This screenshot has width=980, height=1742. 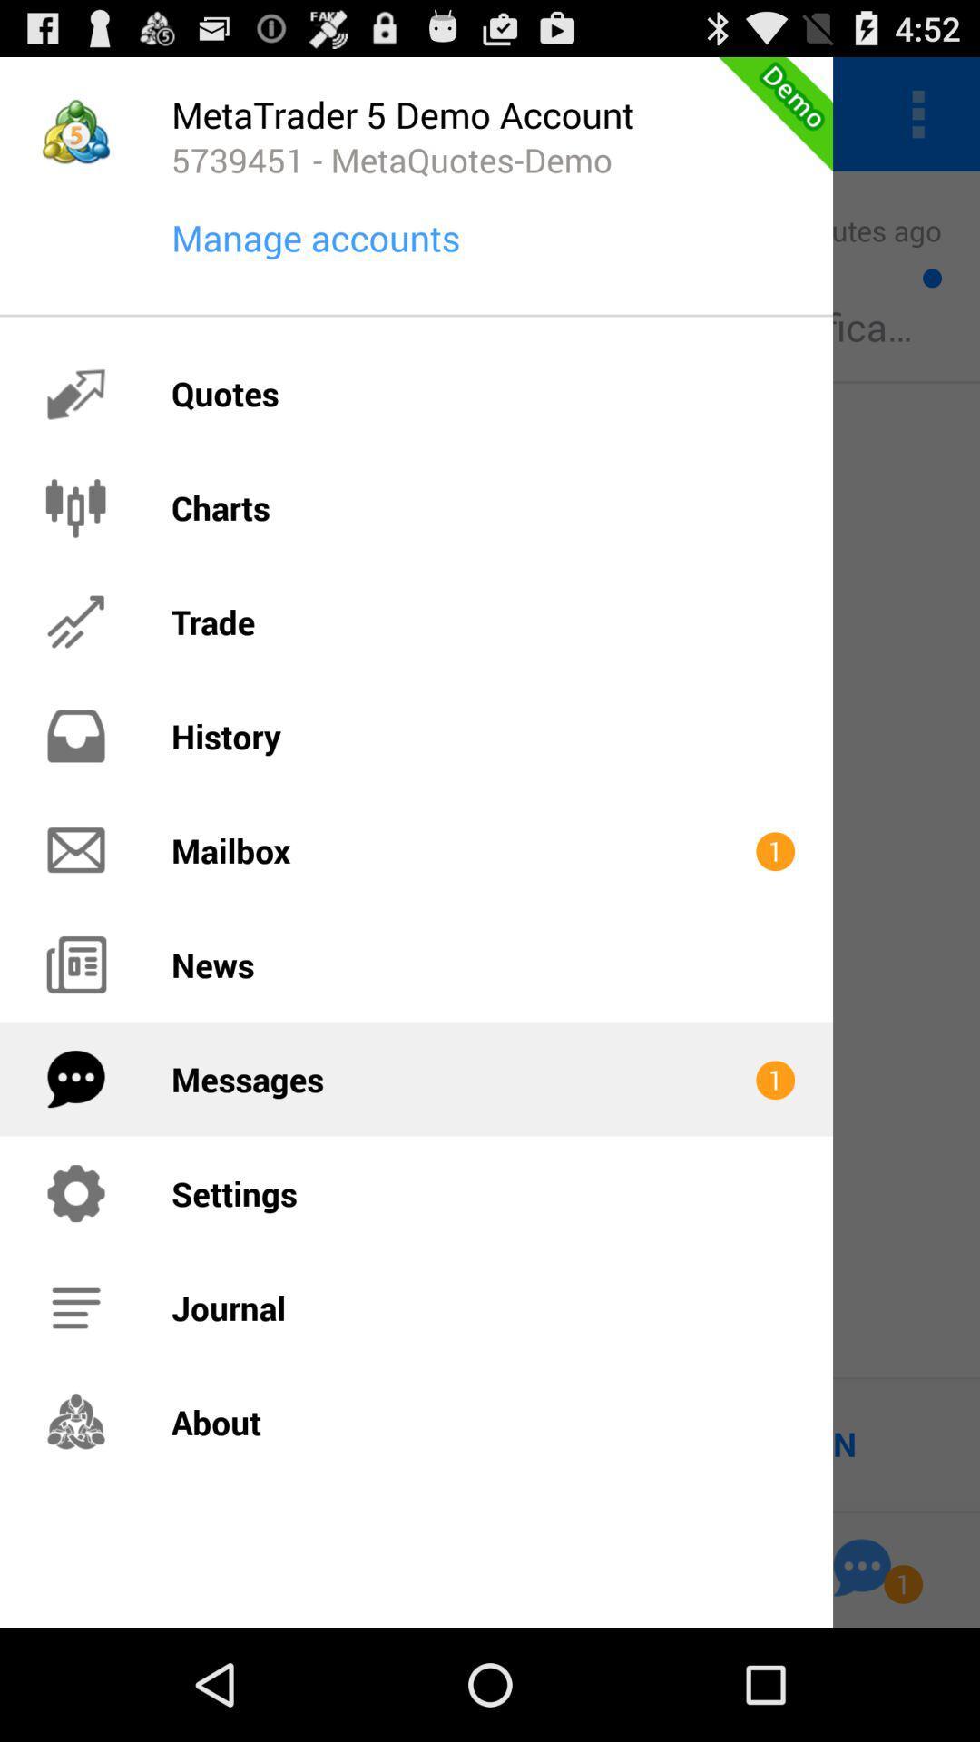 What do you see at coordinates (861, 1677) in the screenshot?
I see `the chat icon` at bounding box center [861, 1677].